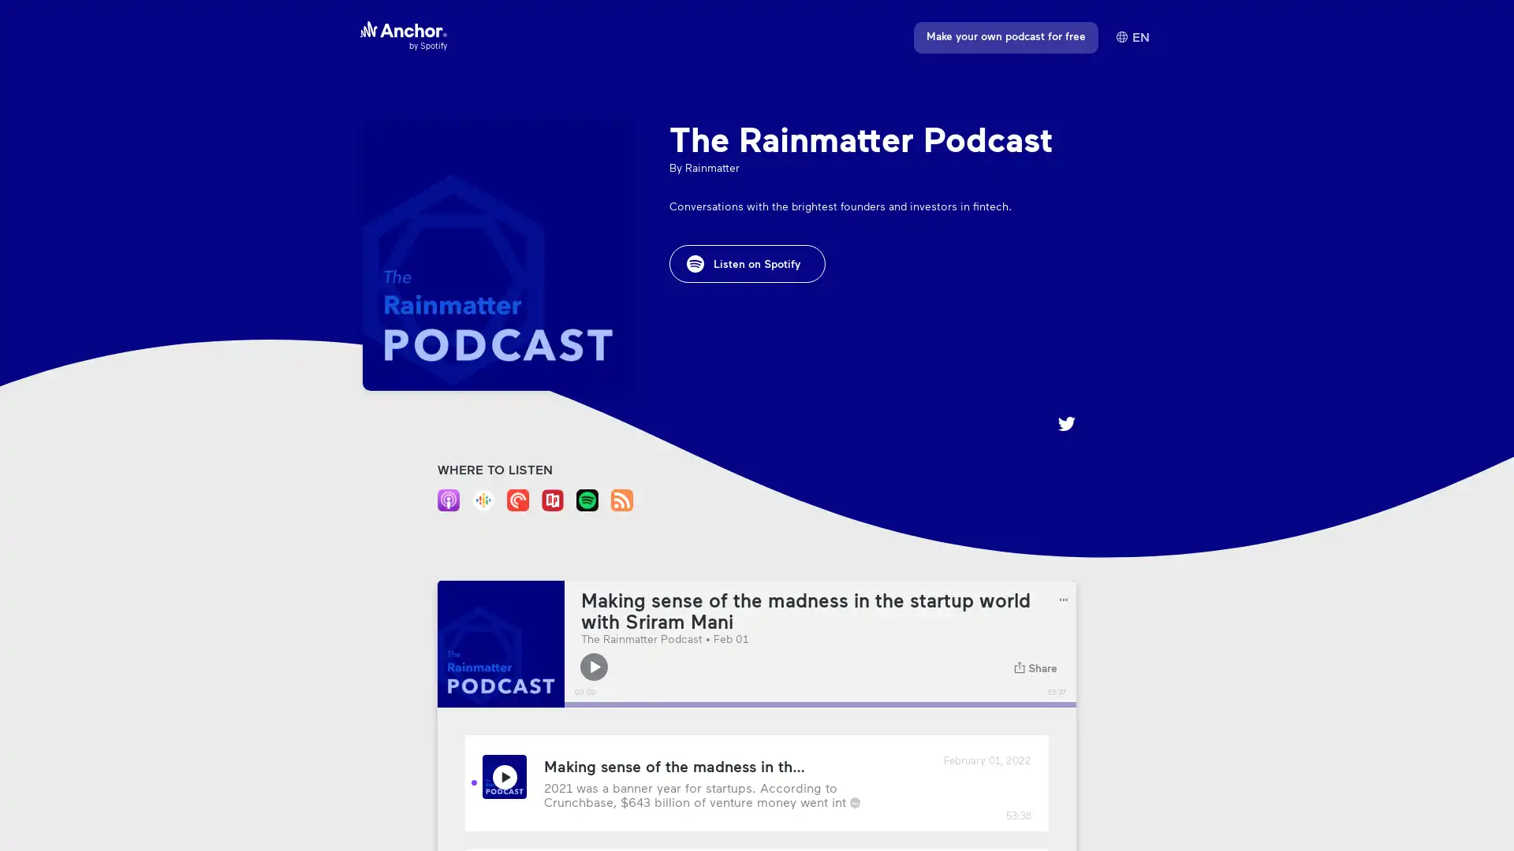  Describe the element at coordinates (1035, 667) in the screenshot. I see `Share` at that location.